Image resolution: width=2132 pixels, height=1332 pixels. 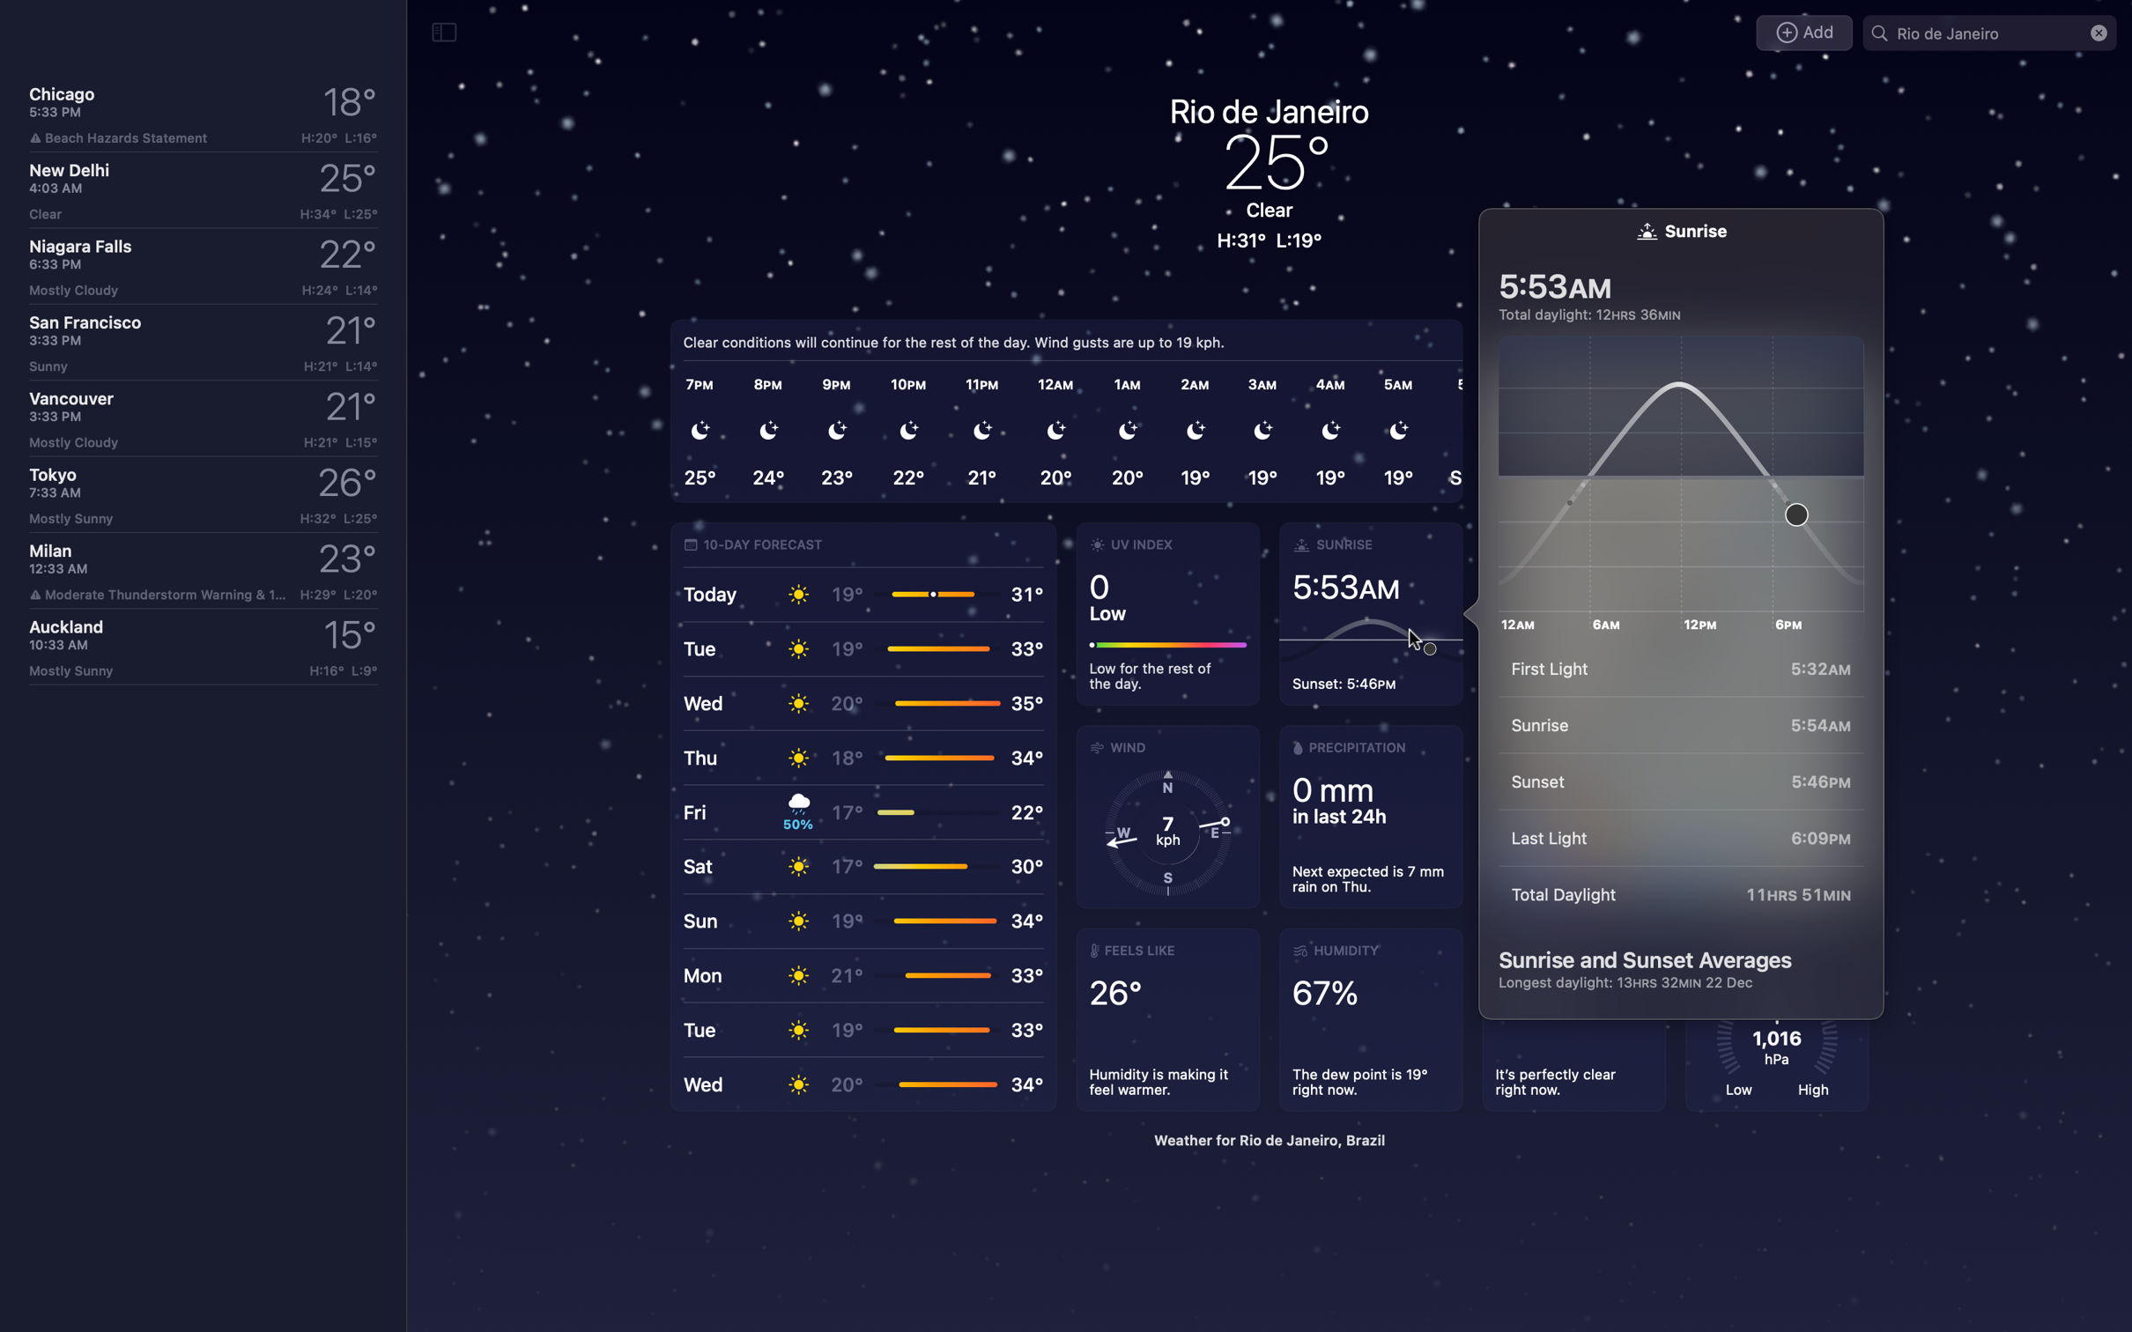 What do you see at coordinates (1368, 816) in the screenshot?
I see `View more details about precipitation` at bounding box center [1368, 816].